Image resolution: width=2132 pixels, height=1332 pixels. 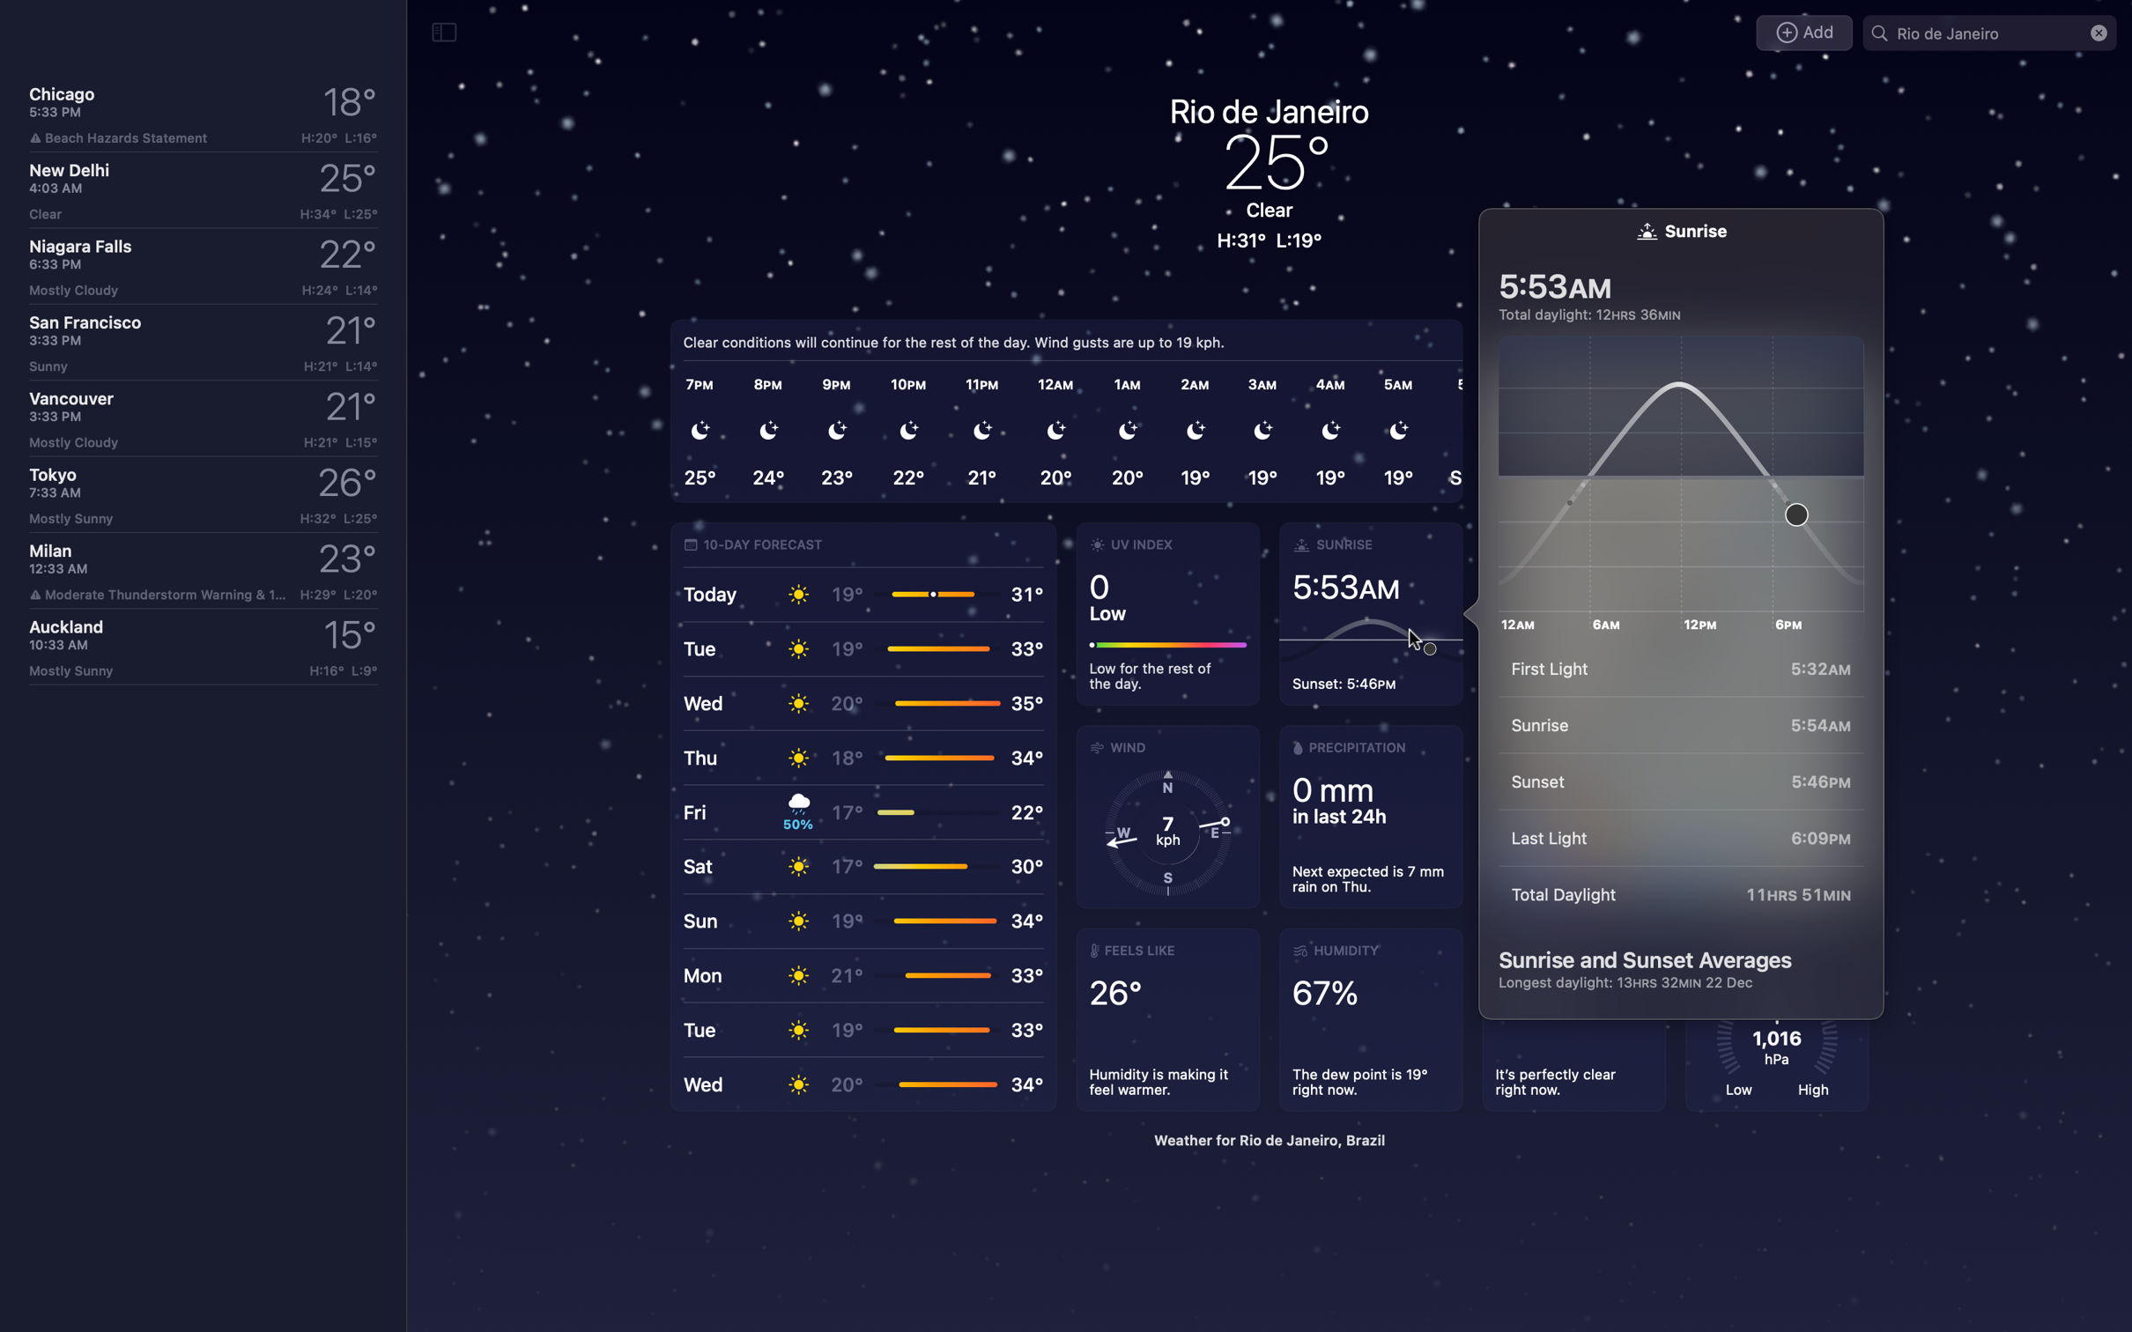 What do you see at coordinates (1368, 816) in the screenshot?
I see `View more details about precipitation` at bounding box center [1368, 816].